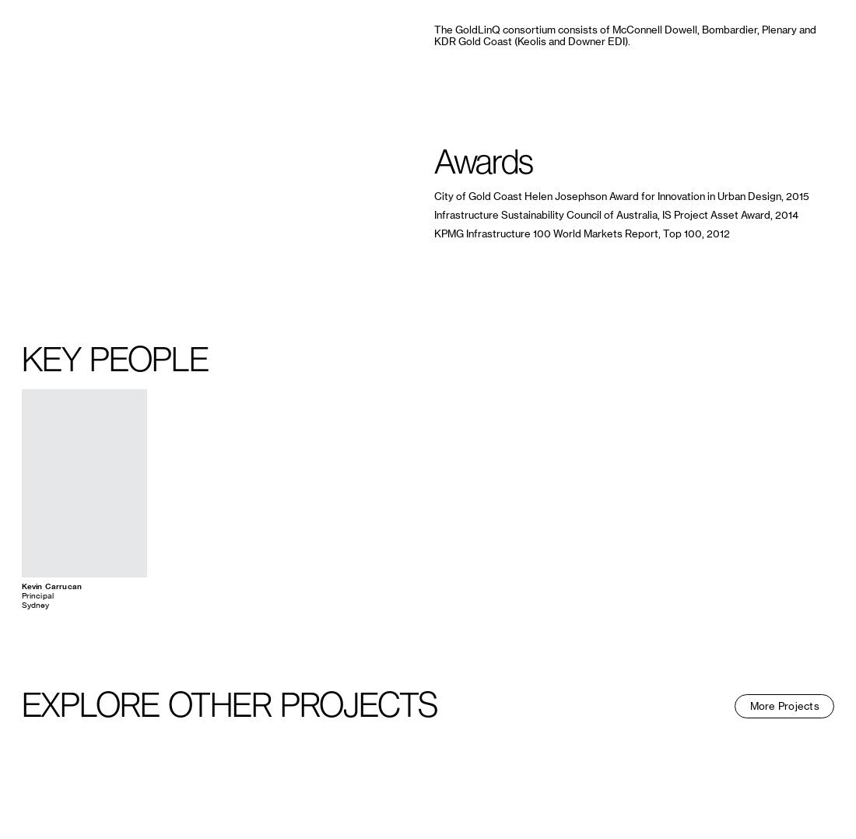 This screenshot has height=839, width=856. Describe the element at coordinates (433, 214) in the screenshot. I see `'Infrastructure Sustainability Council of Australia, IS Project Asset Award, 2014'` at that location.